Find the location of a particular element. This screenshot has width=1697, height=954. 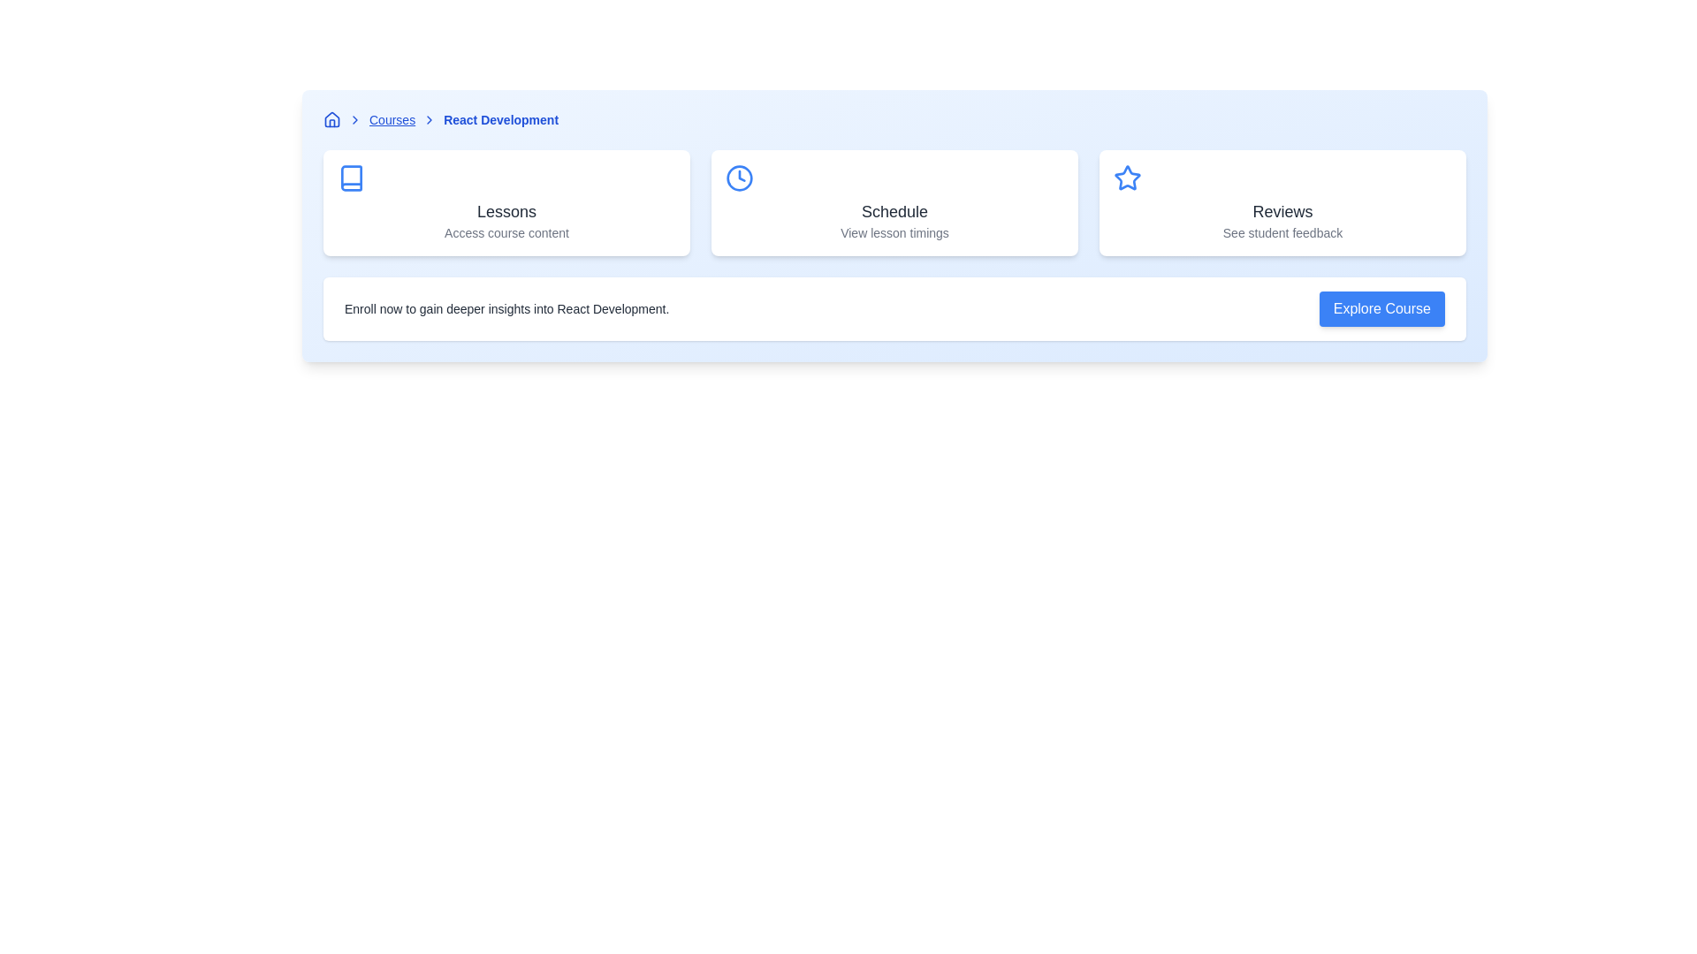

the SVG clock icon located at the top left corner of the 'Schedule' card for accessibility interactions is located at coordinates (739, 178).